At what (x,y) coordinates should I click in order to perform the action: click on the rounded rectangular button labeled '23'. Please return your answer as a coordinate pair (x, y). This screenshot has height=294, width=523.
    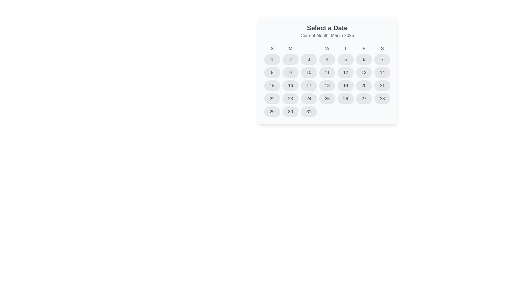
    Looking at the image, I should click on (290, 99).